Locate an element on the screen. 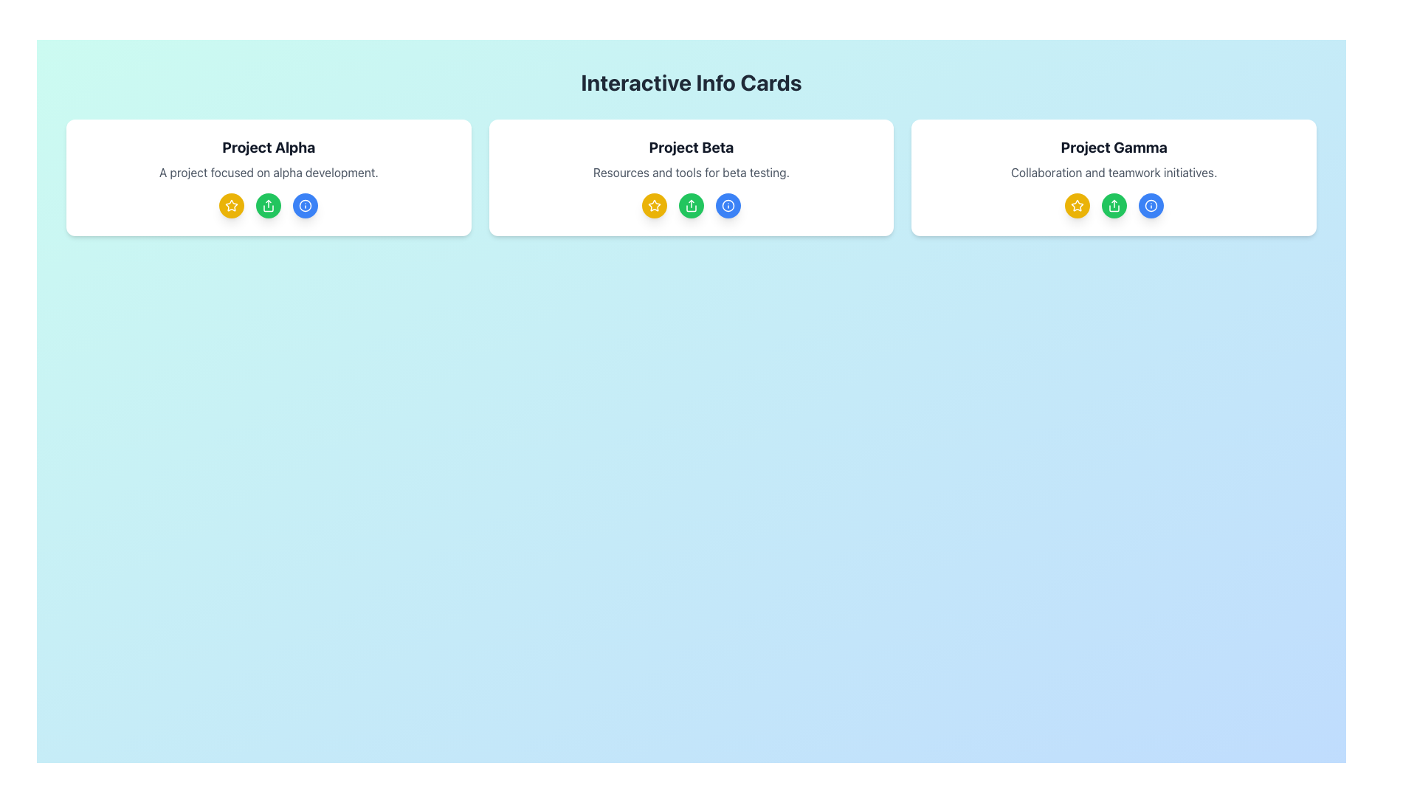 This screenshot has height=797, width=1417. the star-shaped icon button with a yellow fill and white border located under the title 'Project Alpha' to potentially see a tooltip is located at coordinates (231, 205).